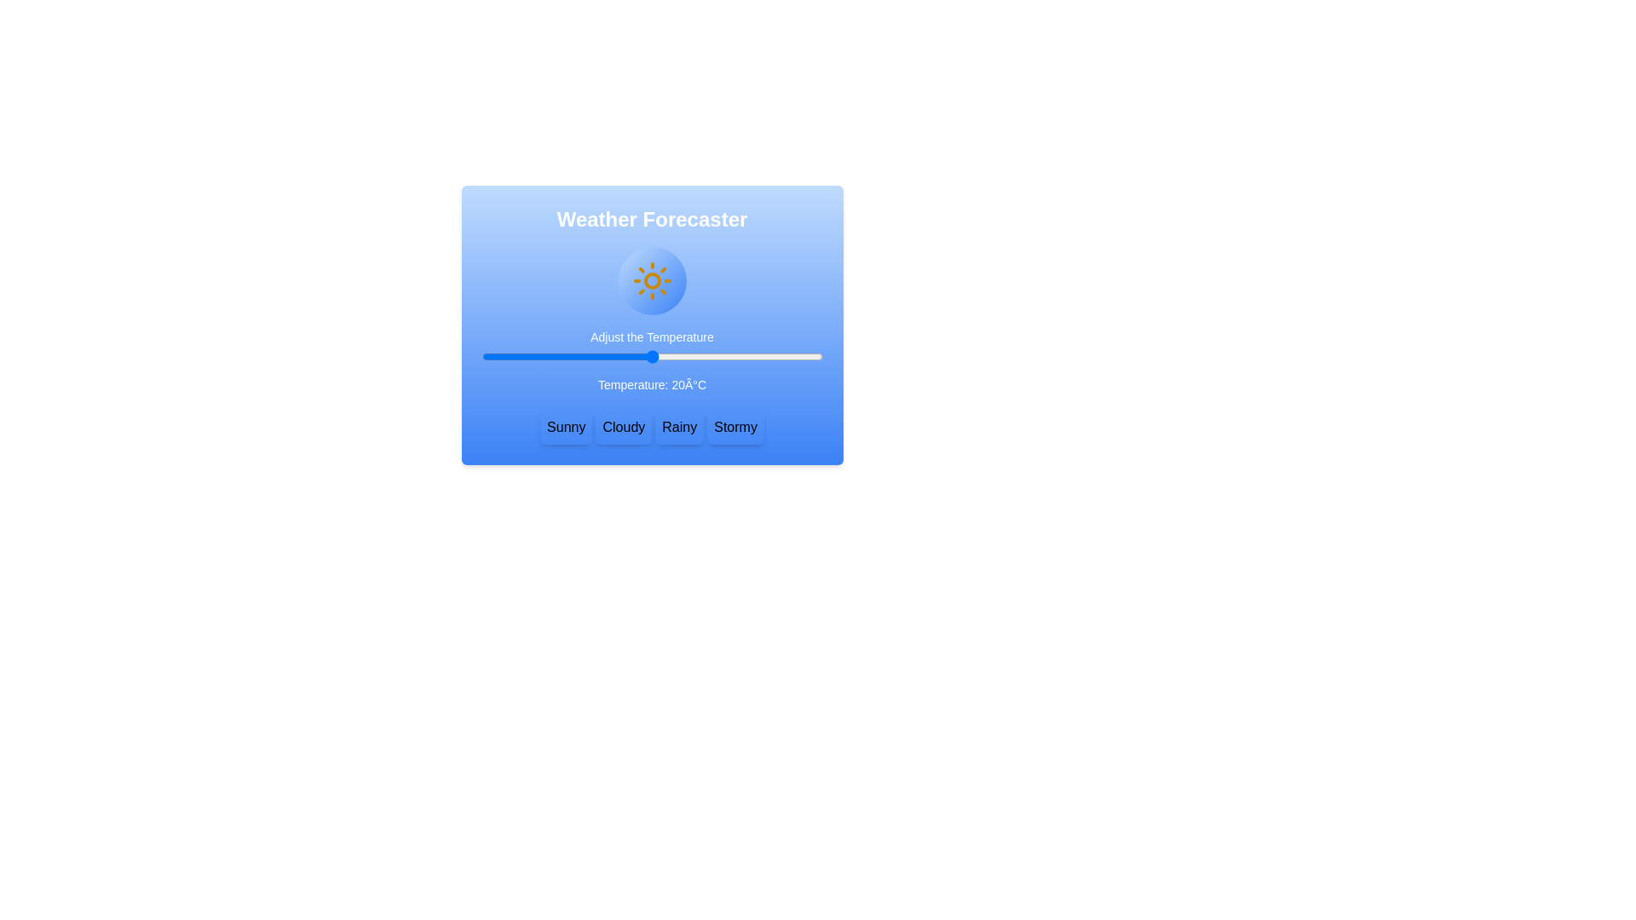 The width and height of the screenshot is (1636, 920). I want to click on button labeled Cloudy to set the weather type, so click(623, 426).